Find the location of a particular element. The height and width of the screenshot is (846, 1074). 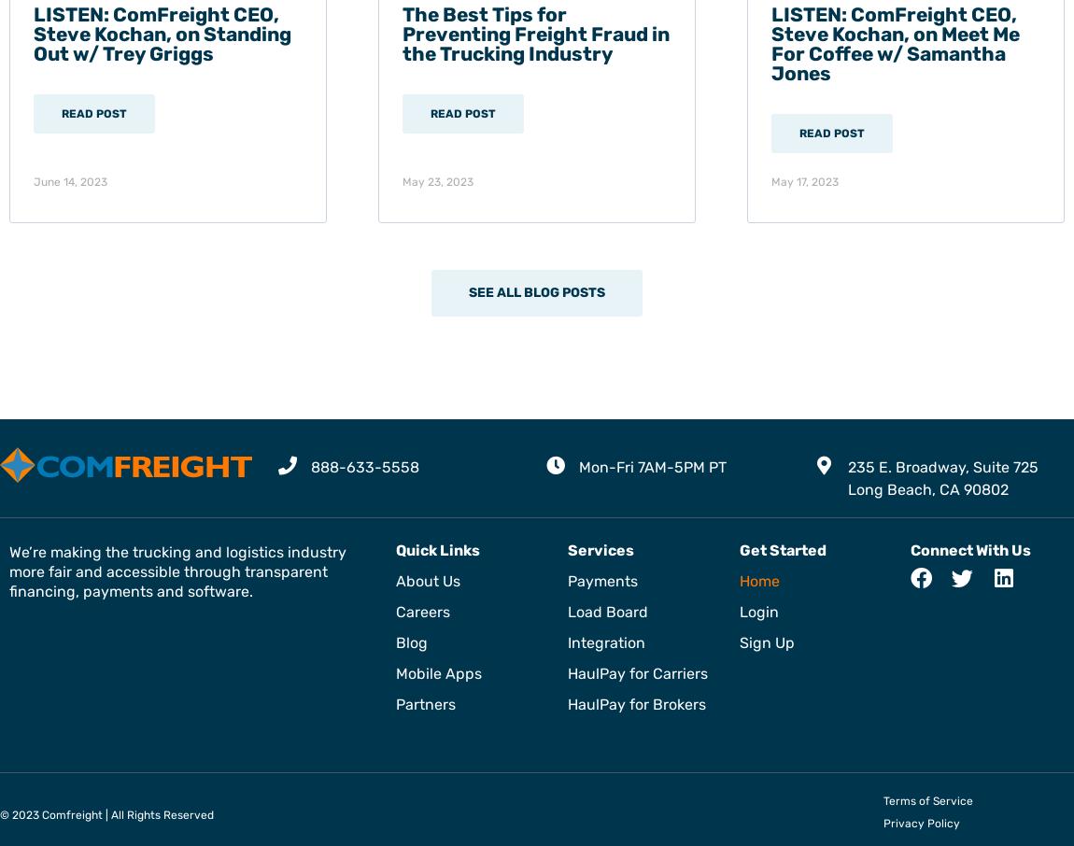

'Sign Up' is located at coordinates (739, 642).